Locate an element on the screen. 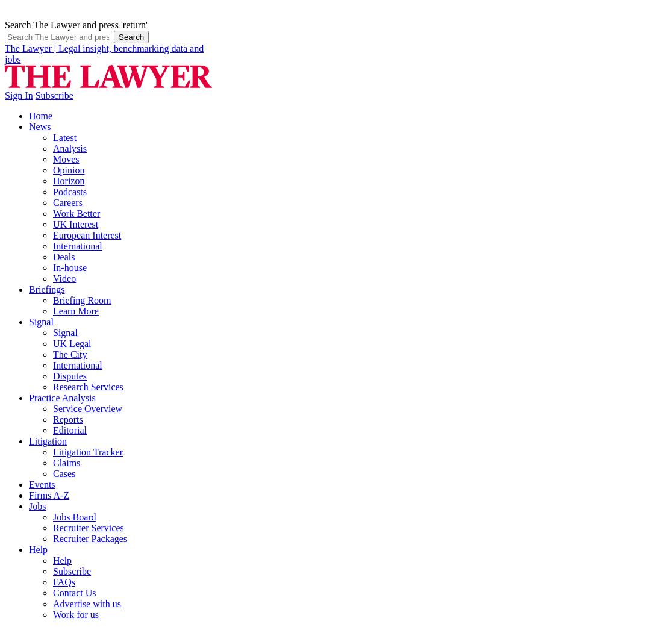 The width and height of the screenshot is (656, 627). 'In-house' is located at coordinates (69, 266).